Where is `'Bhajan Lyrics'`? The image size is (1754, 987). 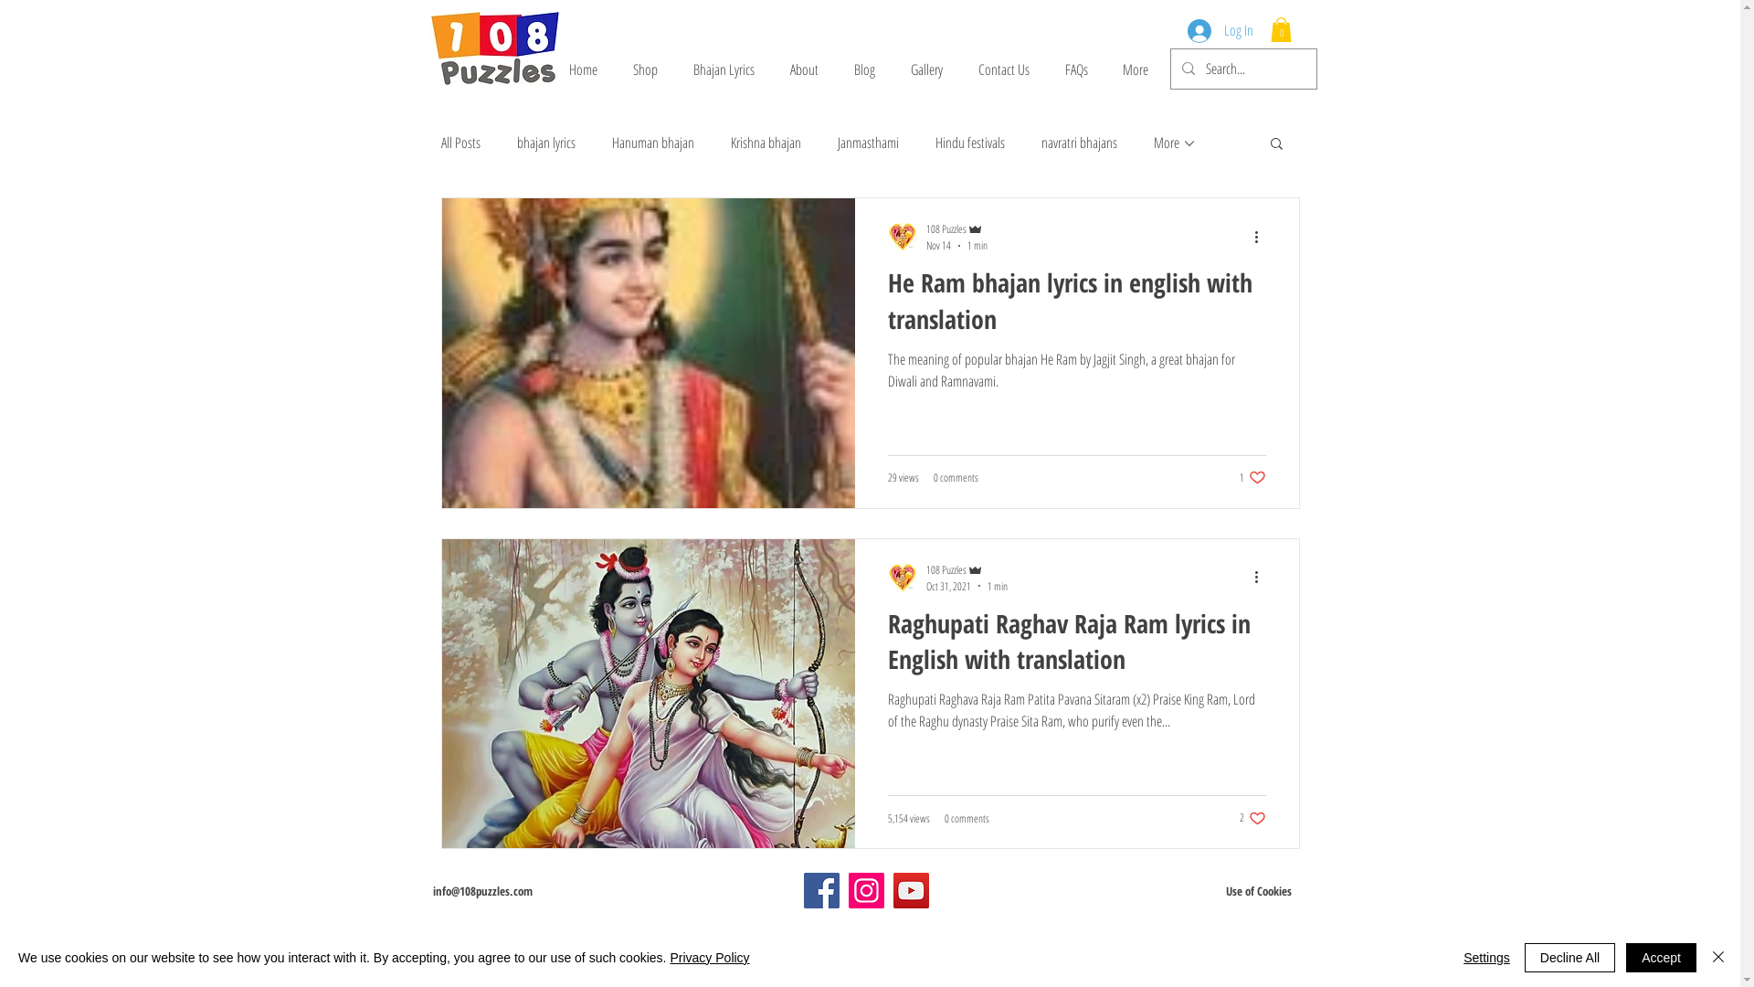 'Bhajan Lyrics' is located at coordinates (723, 69).